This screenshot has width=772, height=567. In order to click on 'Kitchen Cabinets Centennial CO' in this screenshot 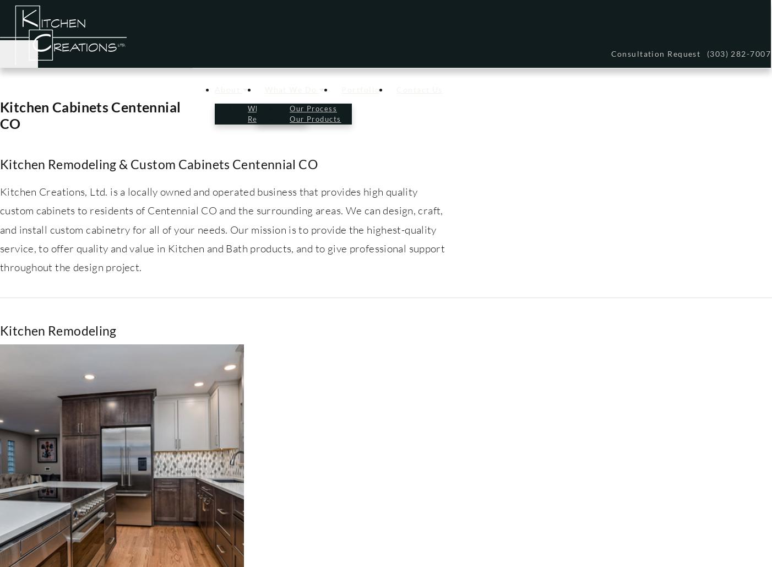, I will do `click(90, 115)`.